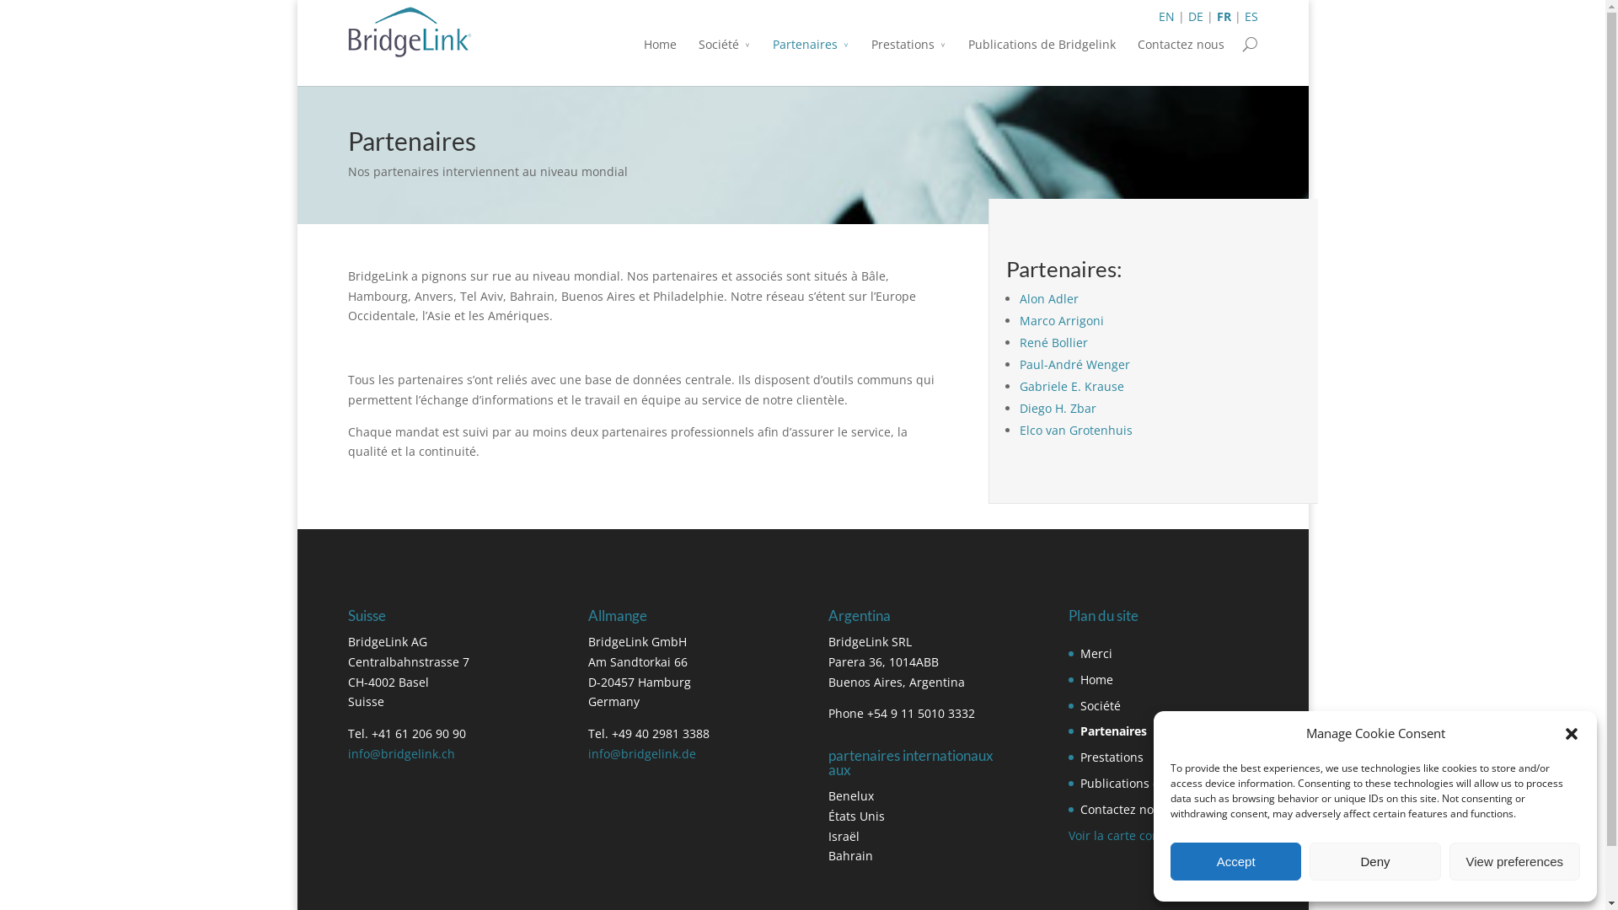 This screenshot has width=1618, height=910. I want to click on 'Elco van Grotenhuis', so click(1074, 429).